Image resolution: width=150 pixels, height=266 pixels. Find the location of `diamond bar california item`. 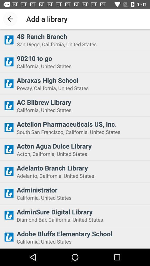

diamond bar california item is located at coordinates (81, 219).